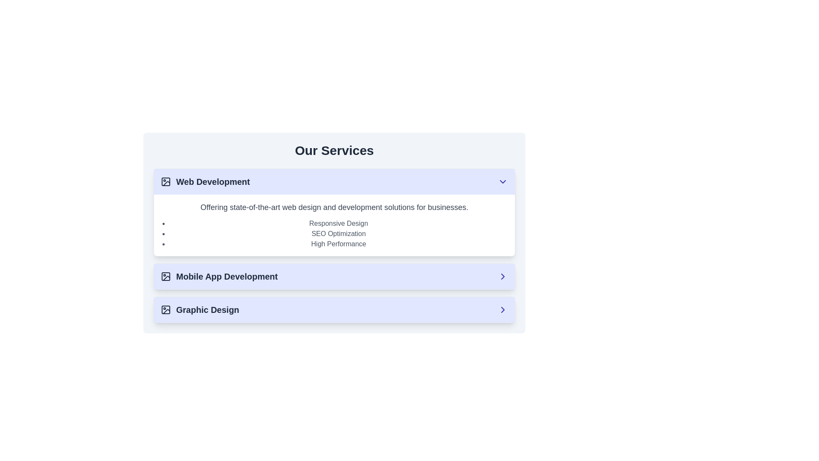 The width and height of the screenshot is (819, 461). Describe the element at coordinates (334, 245) in the screenshot. I see `the Informational card about web development services located at the top of the 'Our Services' section` at that location.